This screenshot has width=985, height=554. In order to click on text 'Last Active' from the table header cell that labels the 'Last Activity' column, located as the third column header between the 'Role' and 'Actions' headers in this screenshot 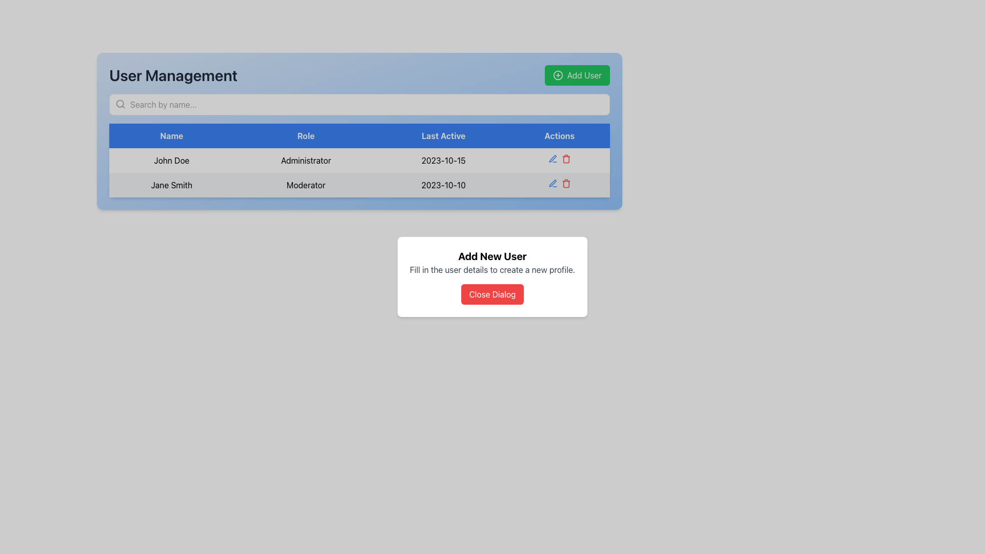, I will do `click(443, 135)`.